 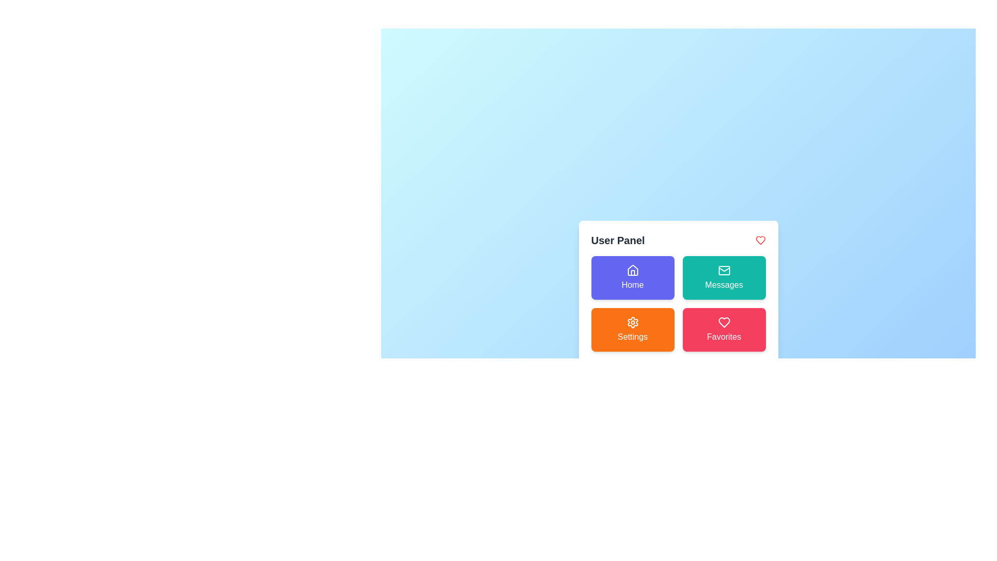 What do you see at coordinates (632, 322) in the screenshot?
I see `the orange cogwheel icon within the Settings button, which is located in the second row, first column of the option grid under the User Panel header` at bounding box center [632, 322].